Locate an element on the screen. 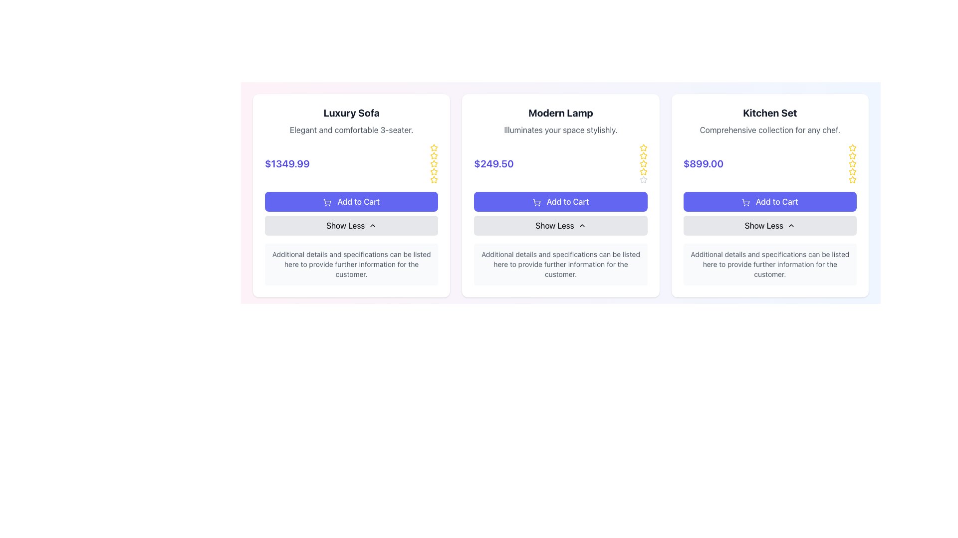 The width and height of the screenshot is (958, 538). the upward-pointing chevron icon within the 'Show Less' button is located at coordinates (582, 225).